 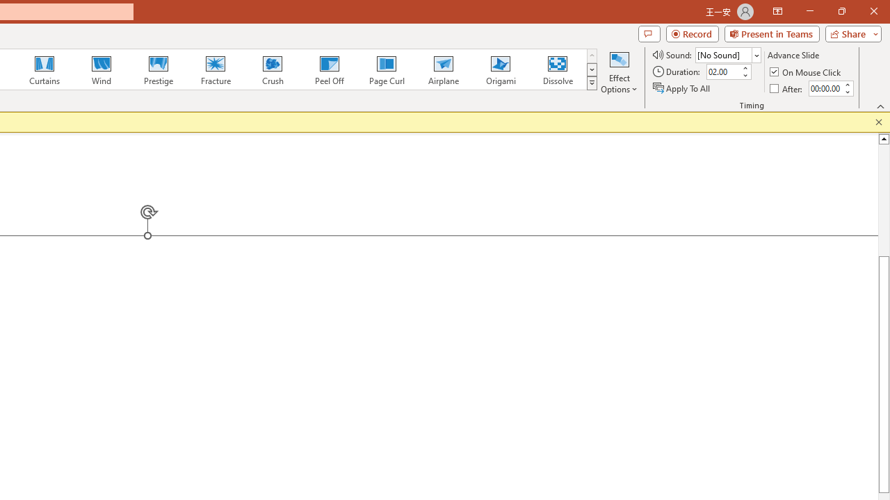 What do you see at coordinates (727, 54) in the screenshot?
I see `'Sound'` at bounding box center [727, 54].